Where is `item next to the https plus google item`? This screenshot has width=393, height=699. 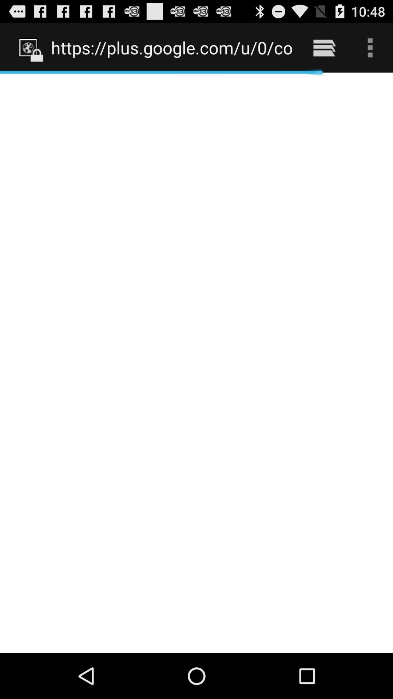
item next to the https plus google item is located at coordinates (324, 47).